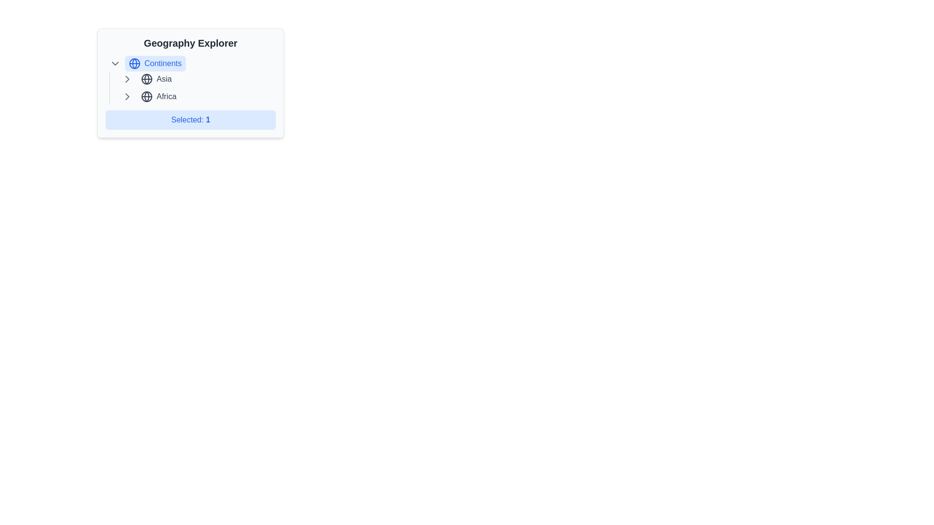  What do you see at coordinates (163, 64) in the screenshot?
I see `the static text label located to the right of the globe icon in the 'Geography Explorer' section` at bounding box center [163, 64].